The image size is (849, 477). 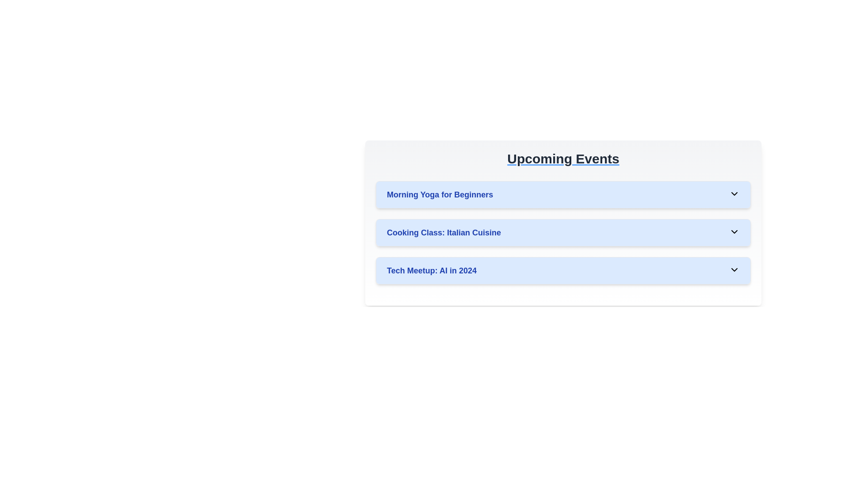 I want to click on the dropdown indicator icon located to the right of 'Cooking Class: Italian Cuisine', so click(x=734, y=231).